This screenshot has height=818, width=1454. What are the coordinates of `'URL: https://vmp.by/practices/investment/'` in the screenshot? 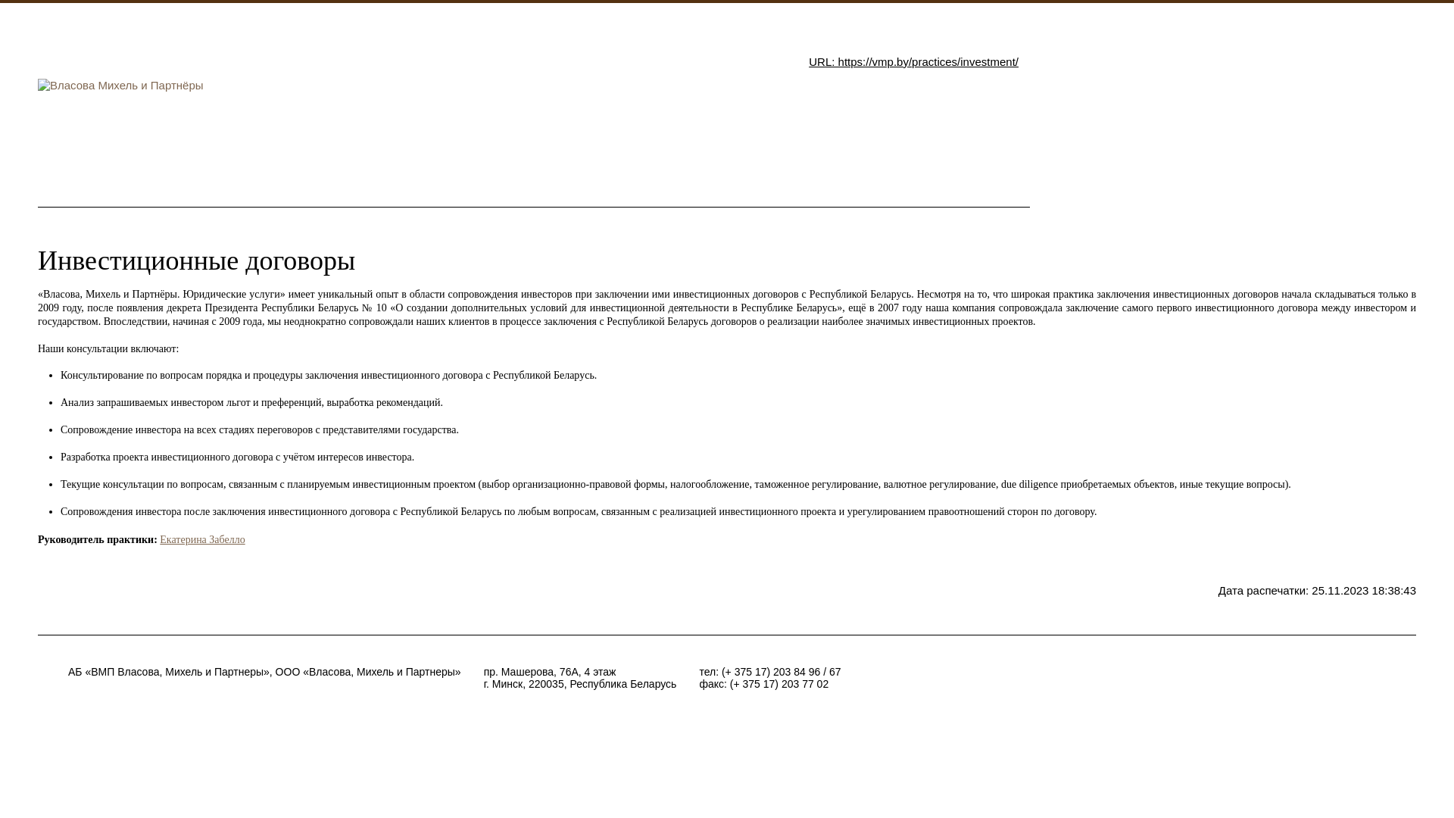 It's located at (913, 61).